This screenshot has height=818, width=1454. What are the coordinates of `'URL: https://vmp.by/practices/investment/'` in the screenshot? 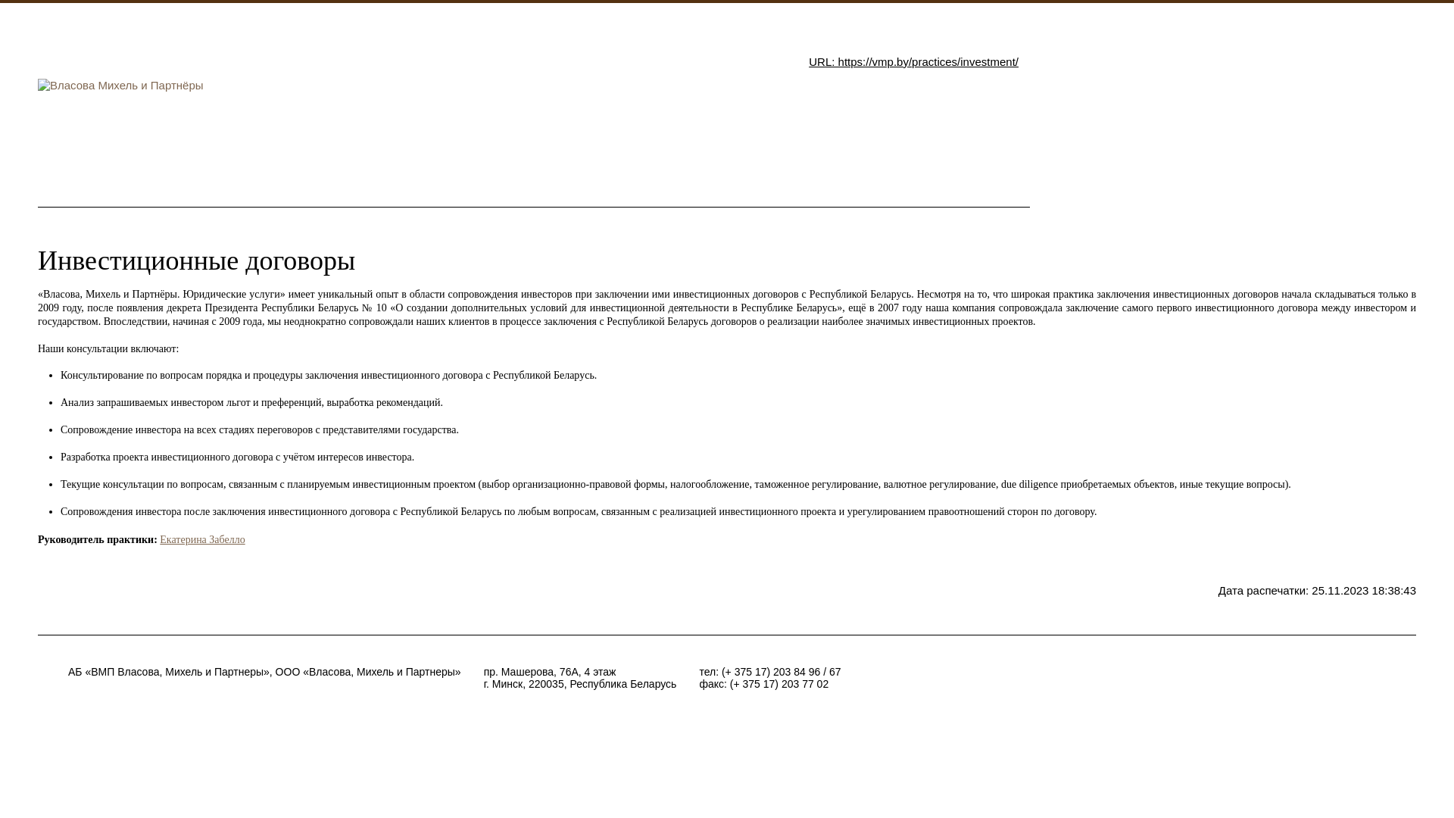 It's located at (913, 61).